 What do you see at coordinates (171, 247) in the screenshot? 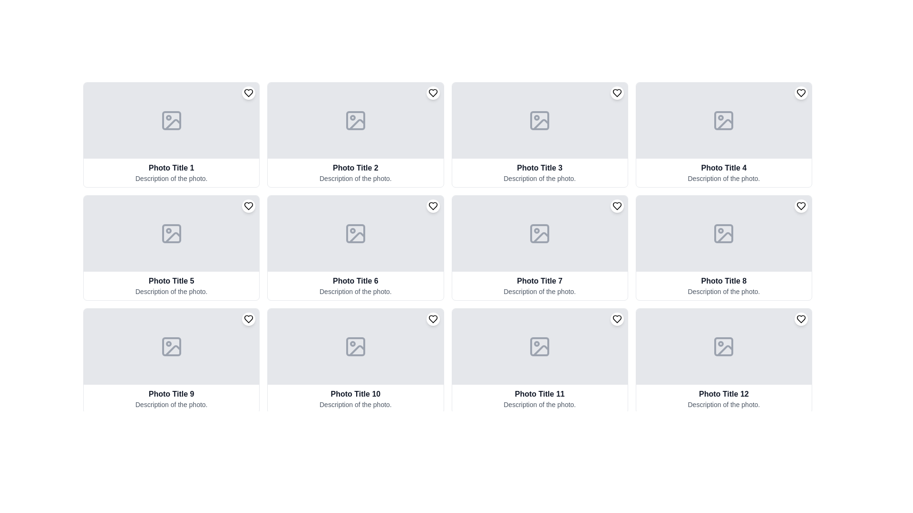
I see `the content of the Card component that serves as a visual representation for a photo or album, located in the second row and first column of the grid layout` at bounding box center [171, 247].